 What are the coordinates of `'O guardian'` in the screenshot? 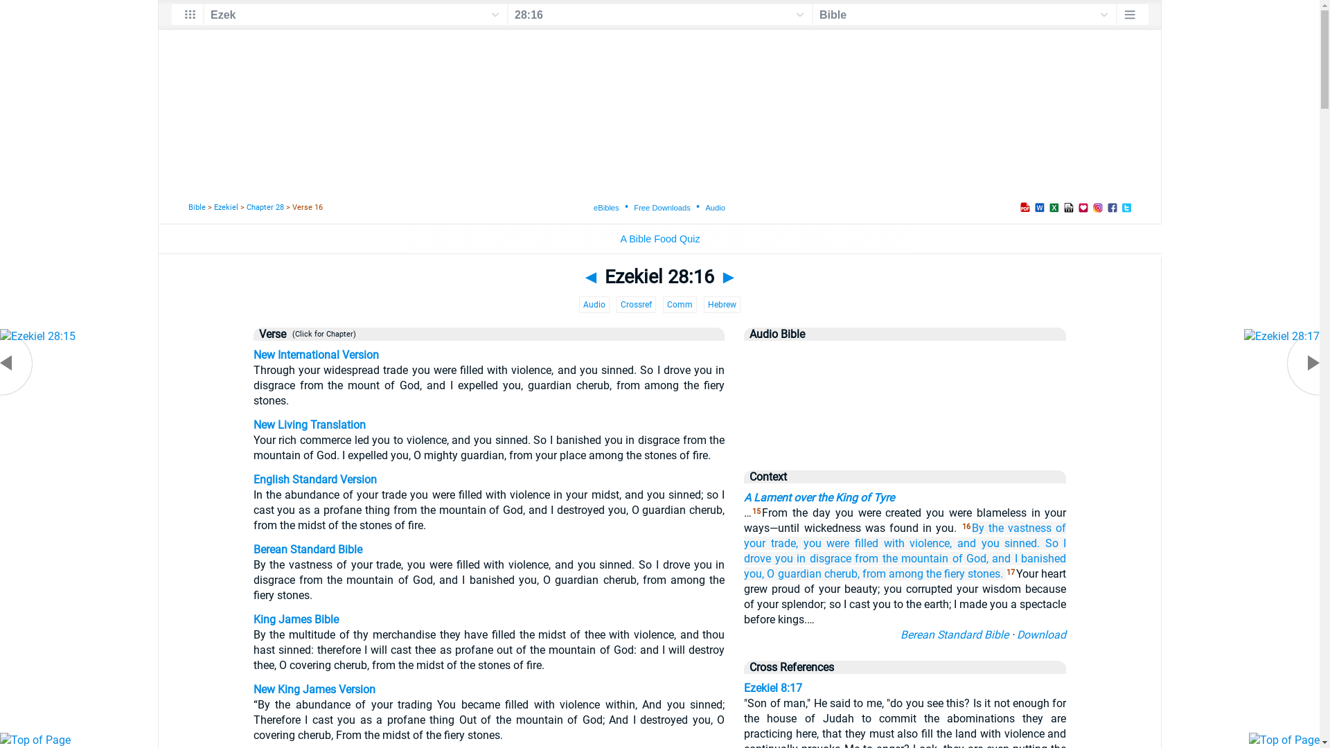 It's located at (794, 573).